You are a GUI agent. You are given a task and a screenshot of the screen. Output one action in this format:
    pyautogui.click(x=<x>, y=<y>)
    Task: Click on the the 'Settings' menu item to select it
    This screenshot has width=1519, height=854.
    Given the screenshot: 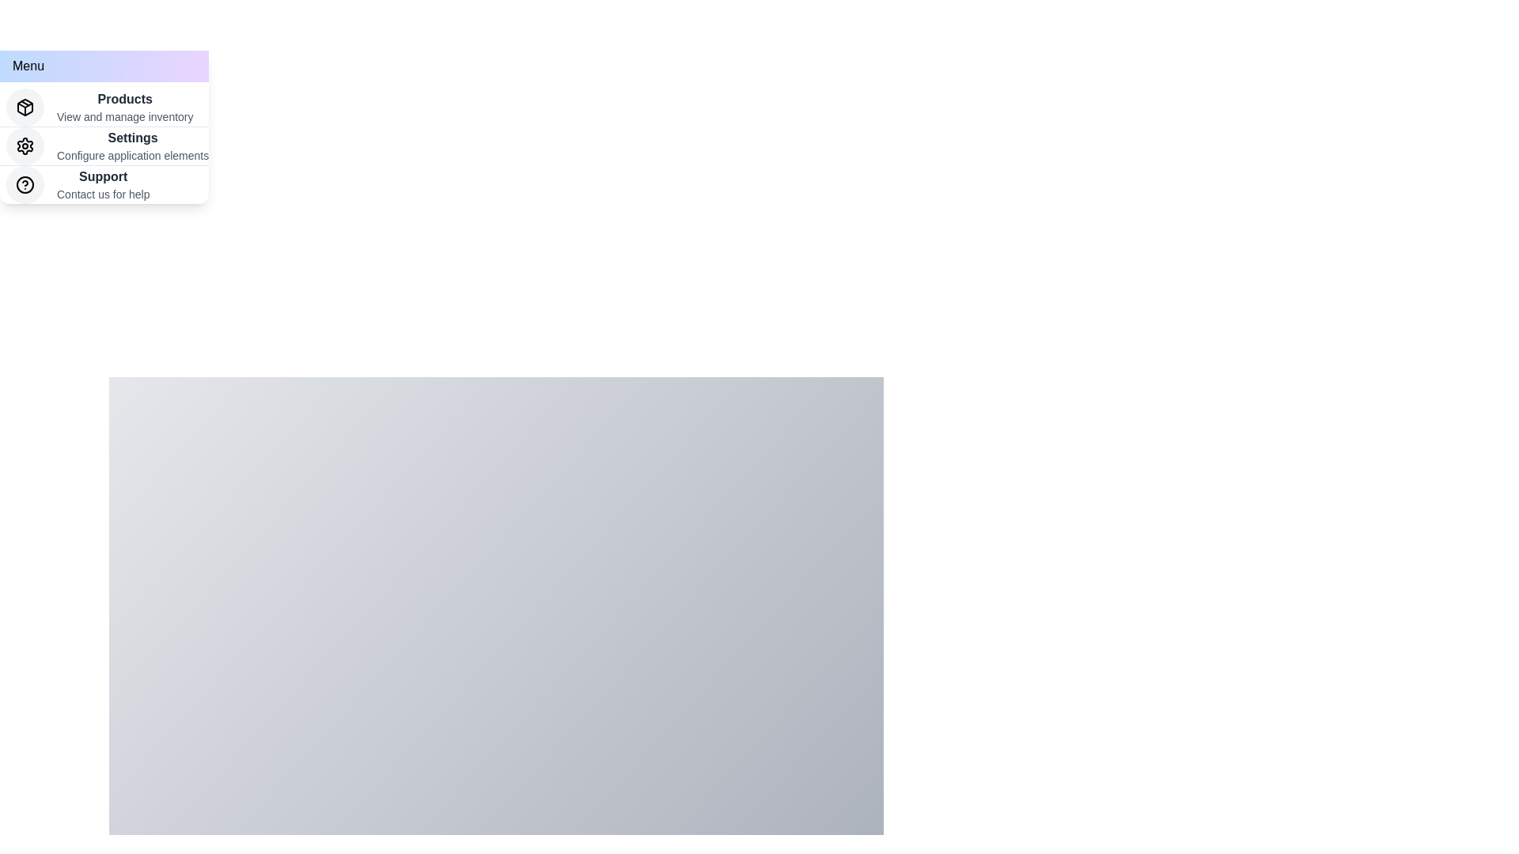 What is the action you would take?
    pyautogui.click(x=104, y=137)
    